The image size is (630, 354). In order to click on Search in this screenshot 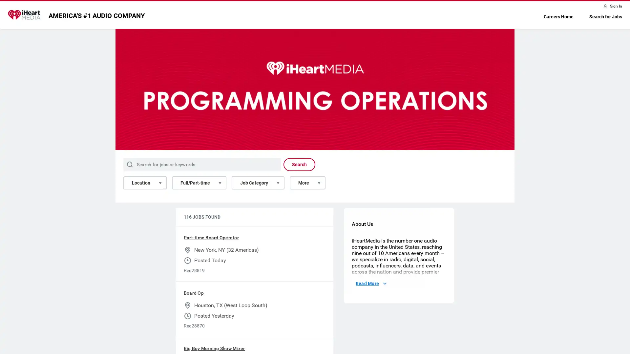, I will do `click(299, 164)`.